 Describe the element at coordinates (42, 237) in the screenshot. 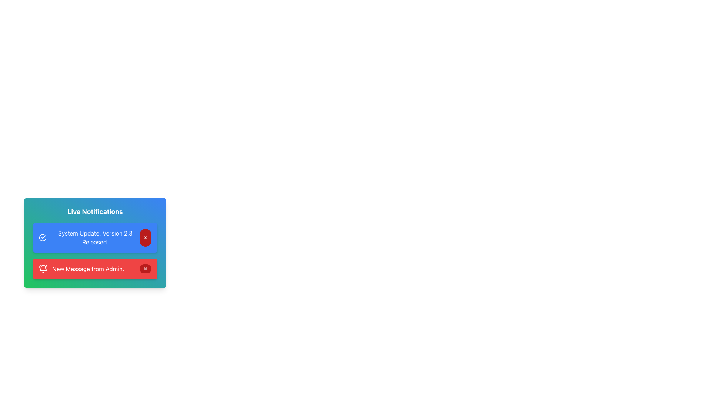

I see `the Decorative icon, a circular white check mark inside a circle, located to the far left of the notification titled 'System Update: Version 2.3 Released.'` at that location.